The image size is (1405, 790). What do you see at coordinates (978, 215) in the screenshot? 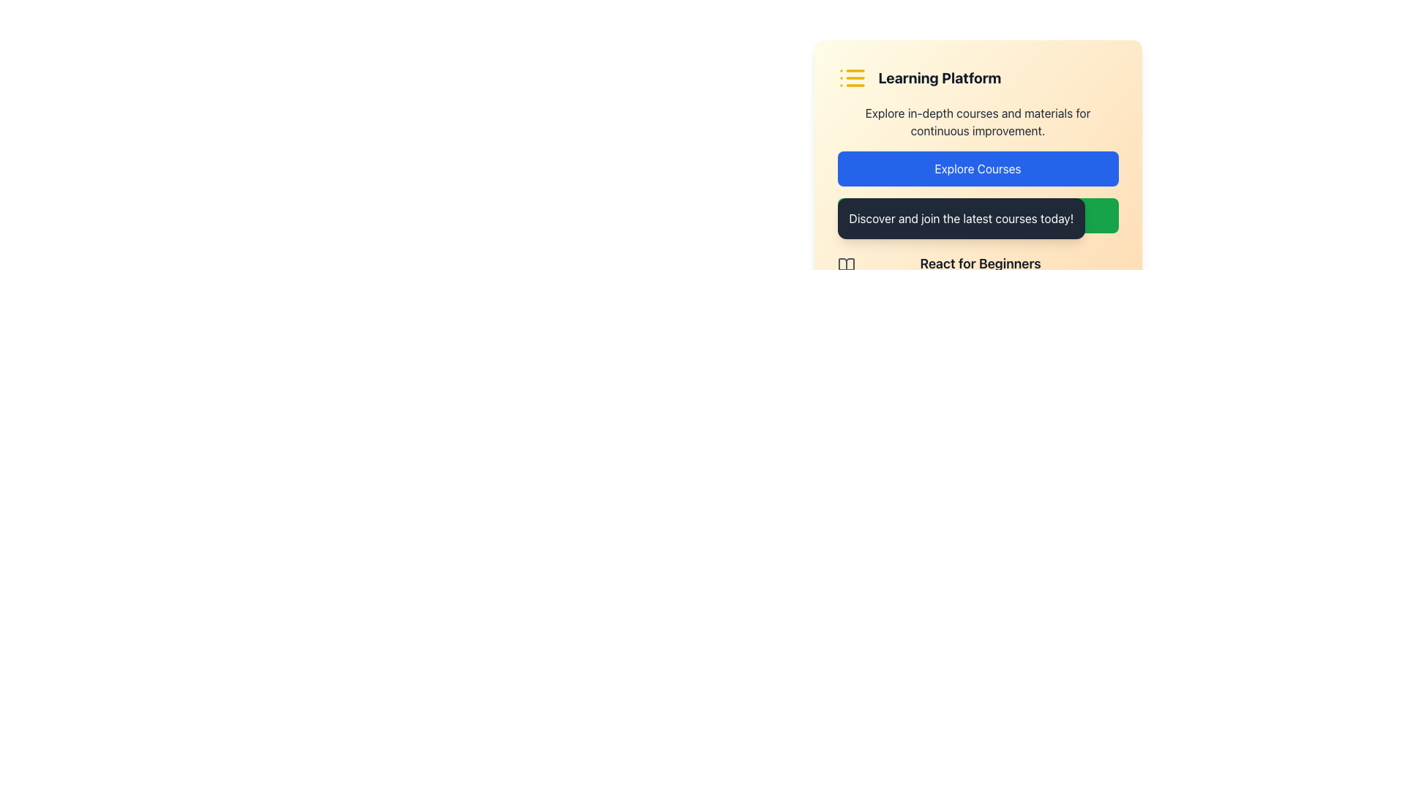
I see `the button that toggles the visibility of the details section, located below the 'Explore Courses' button and above the 'React for Beginners' section` at bounding box center [978, 215].